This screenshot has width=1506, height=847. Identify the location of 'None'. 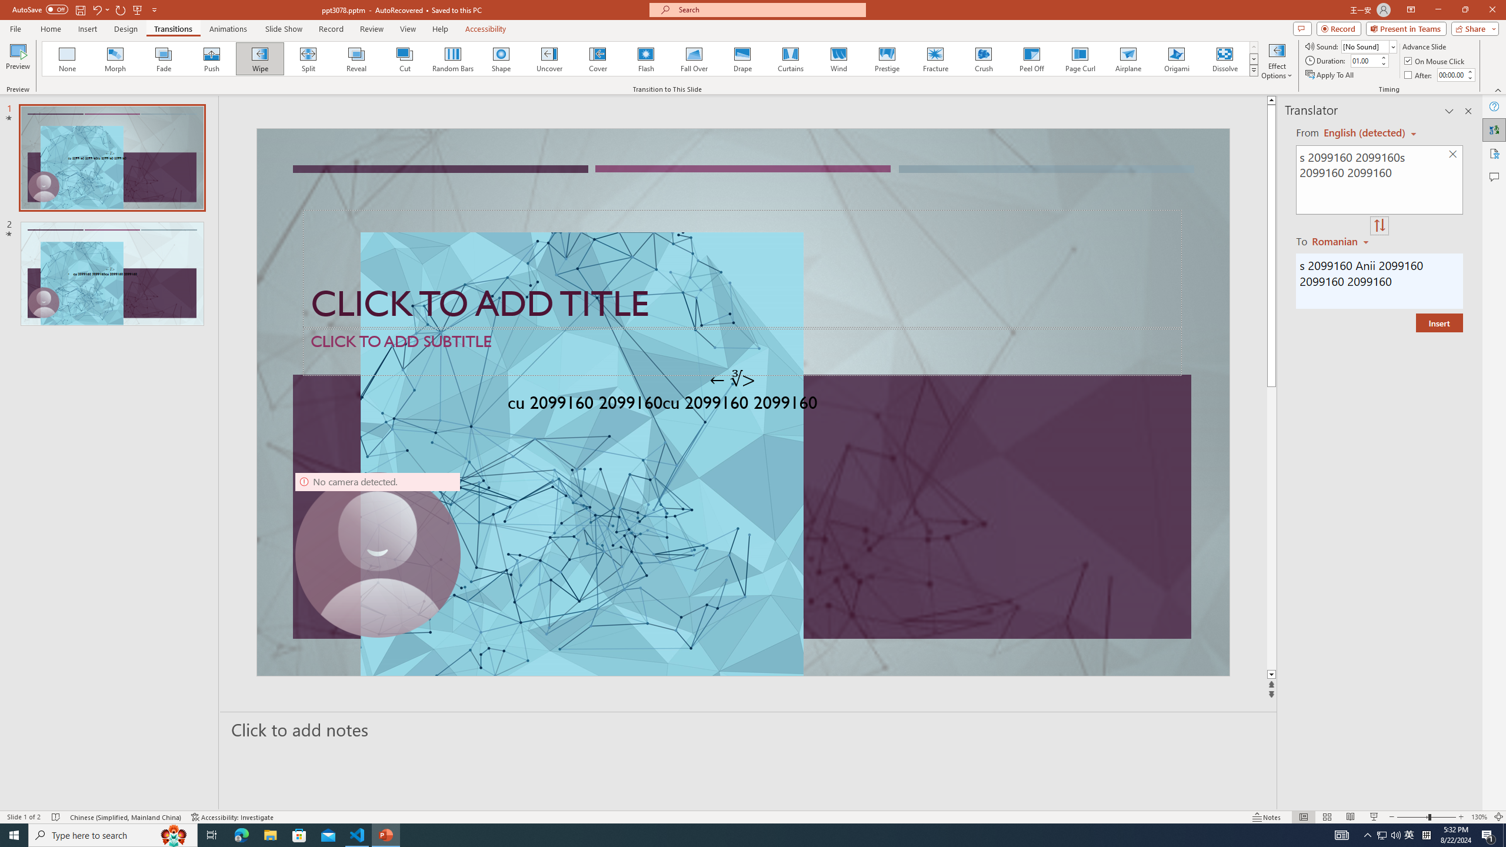
(67, 58).